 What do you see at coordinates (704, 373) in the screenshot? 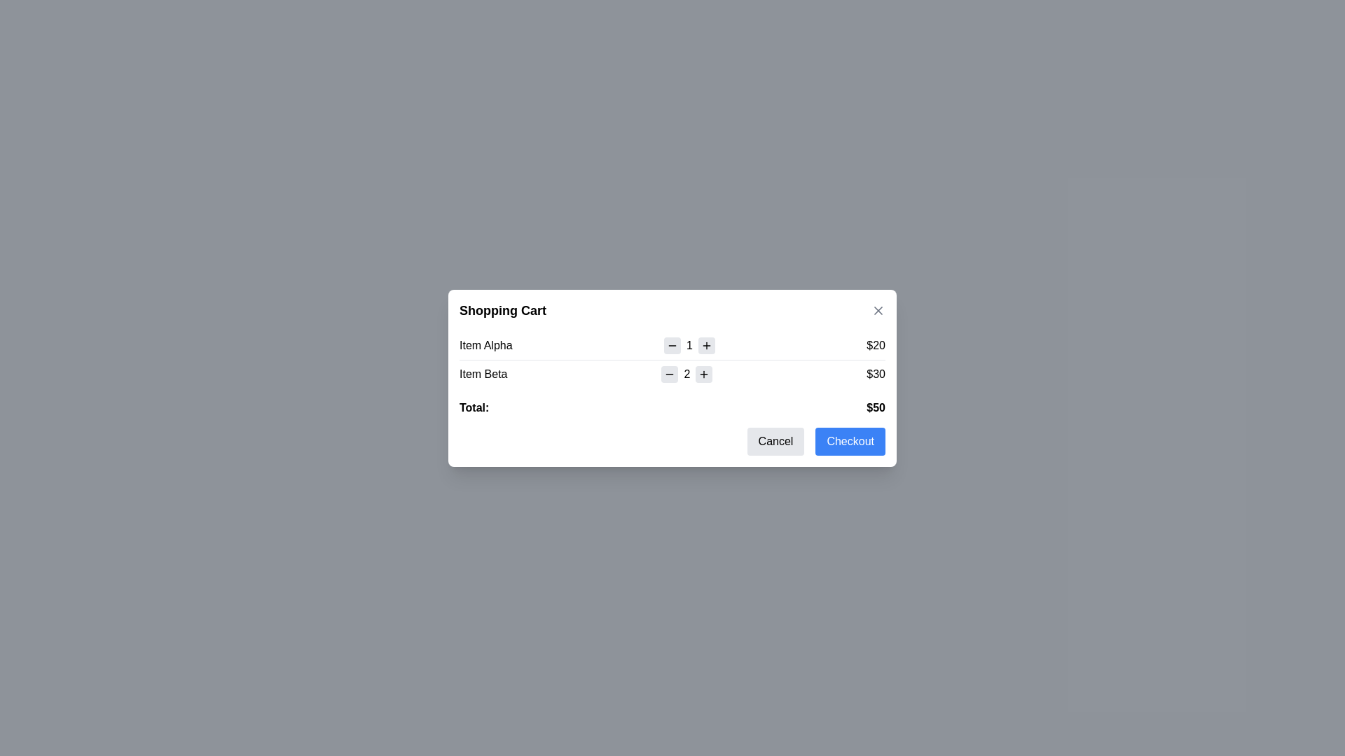
I see `the plus icon button located in the second row of the cart items table, to increment the quantity of the item 'Beta'` at bounding box center [704, 373].